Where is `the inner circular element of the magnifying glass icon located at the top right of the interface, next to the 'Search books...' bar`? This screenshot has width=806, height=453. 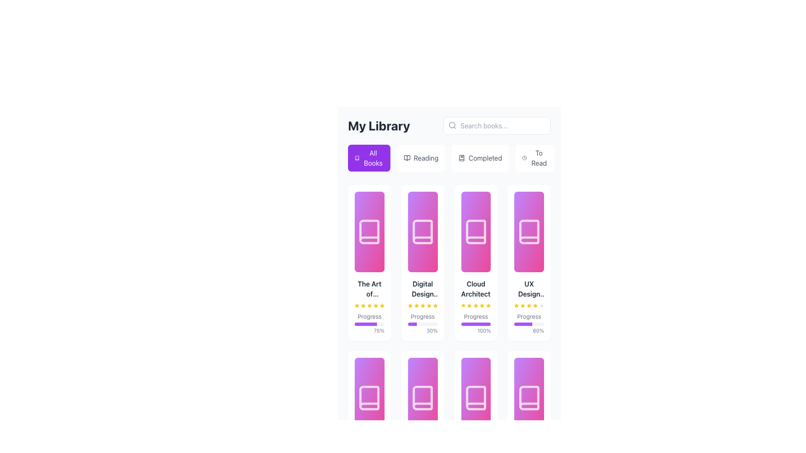
the inner circular element of the magnifying glass icon located at the top right of the interface, next to the 'Search books...' bar is located at coordinates (452, 125).